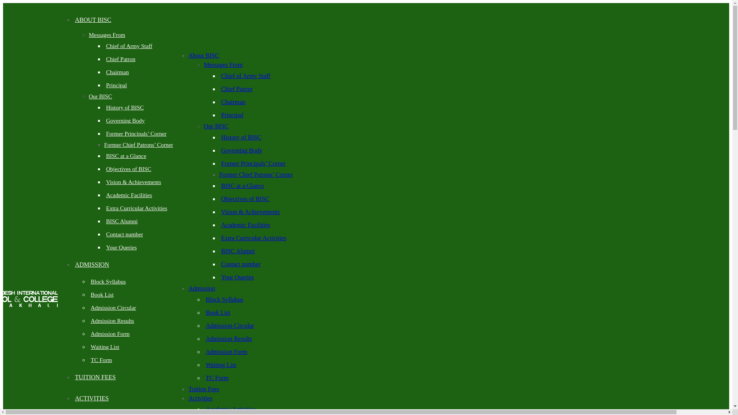 This screenshot has height=415, width=738. What do you see at coordinates (217, 312) in the screenshot?
I see `'Book List'` at bounding box center [217, 312].